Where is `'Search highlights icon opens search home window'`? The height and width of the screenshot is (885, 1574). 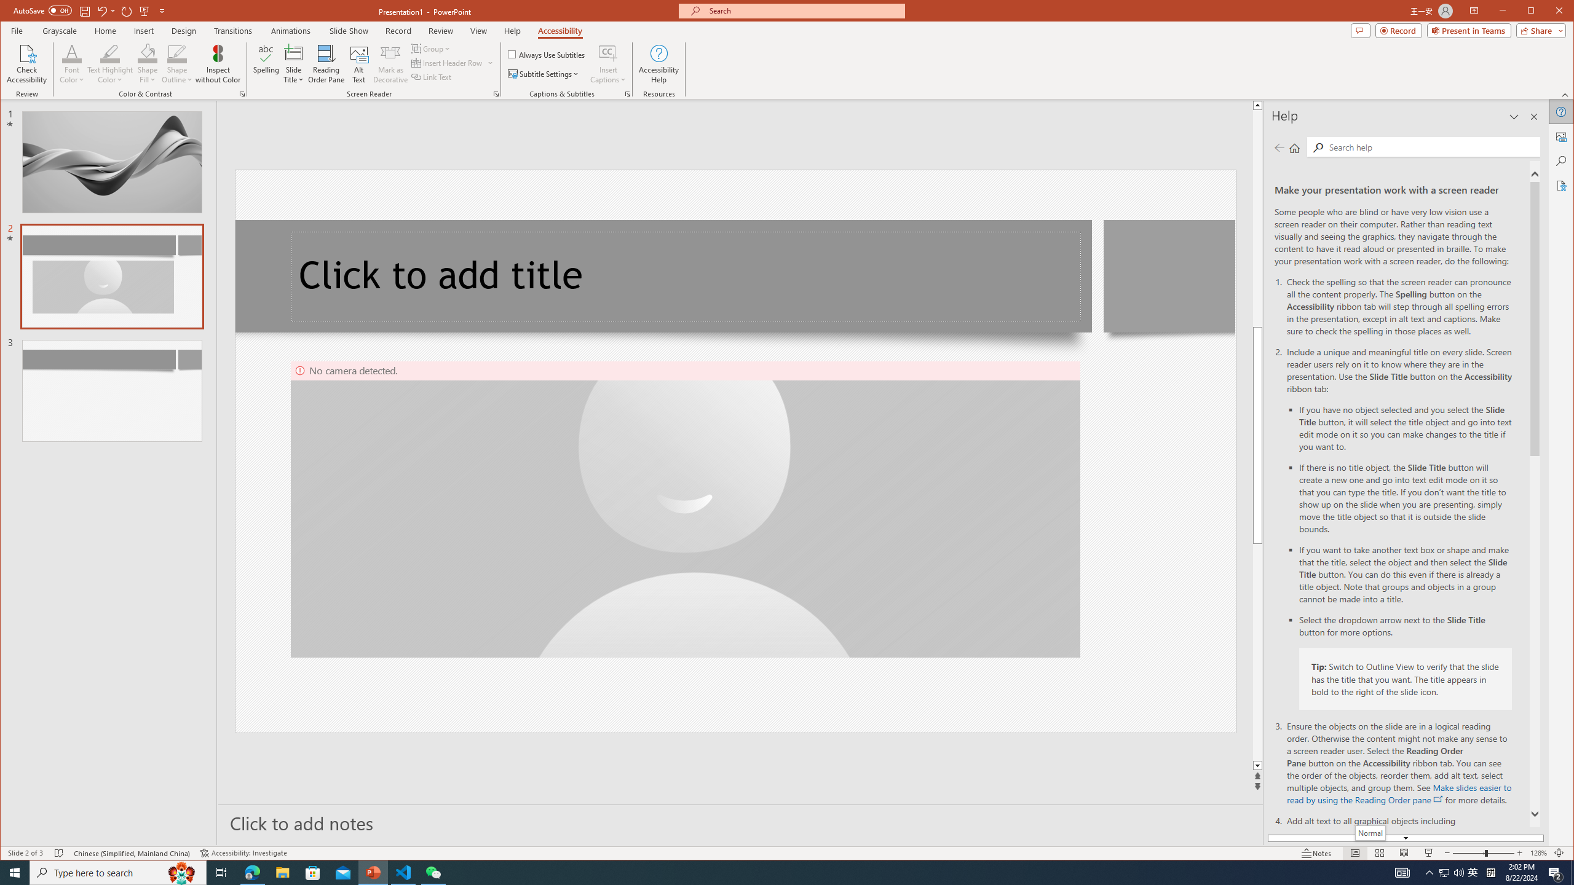 'Search highlights icon opens search home window' is located at coordinates (181, 871).